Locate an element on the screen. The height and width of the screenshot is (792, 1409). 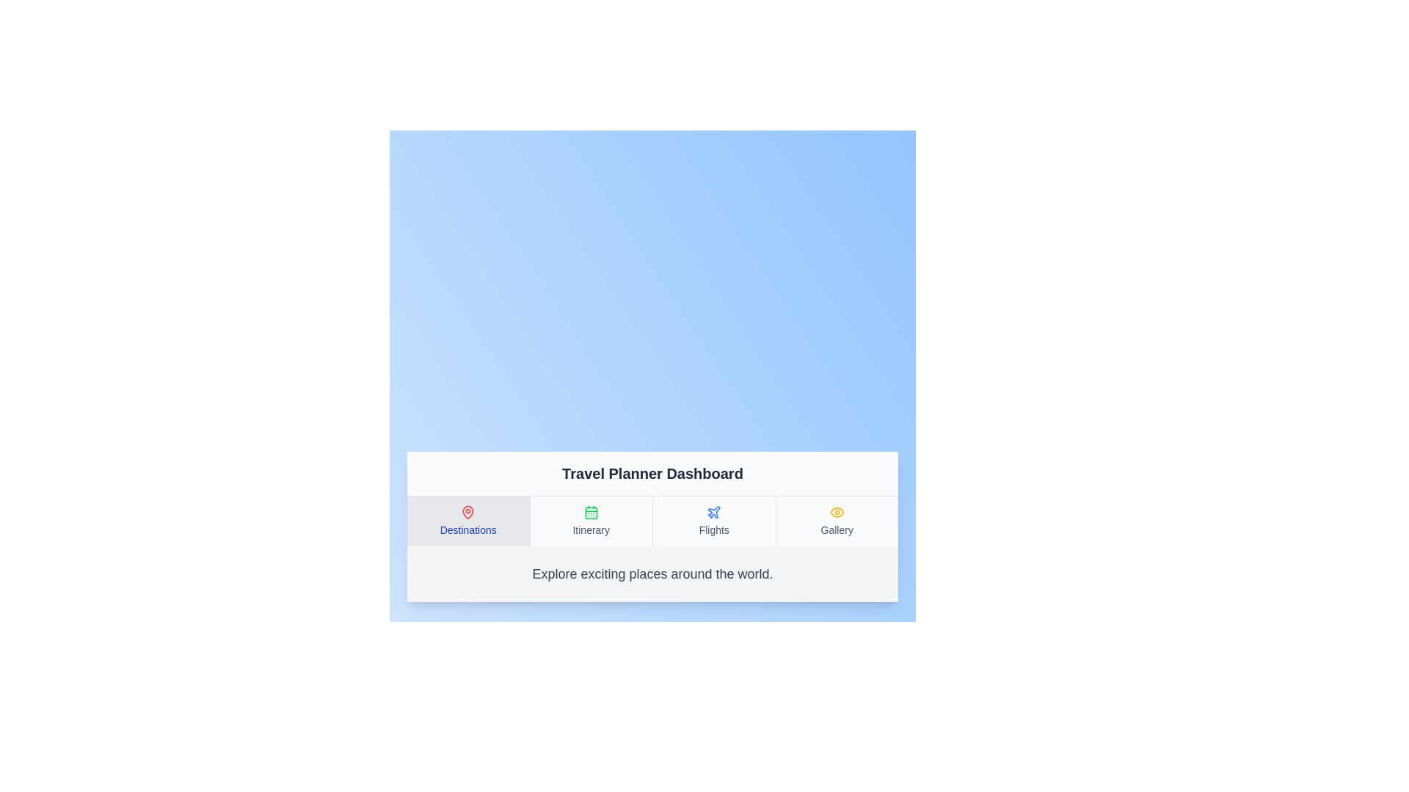
the calendar icon in the Itinerary section of the Travel Planner Dashboard is located at coordinates (591, 511).